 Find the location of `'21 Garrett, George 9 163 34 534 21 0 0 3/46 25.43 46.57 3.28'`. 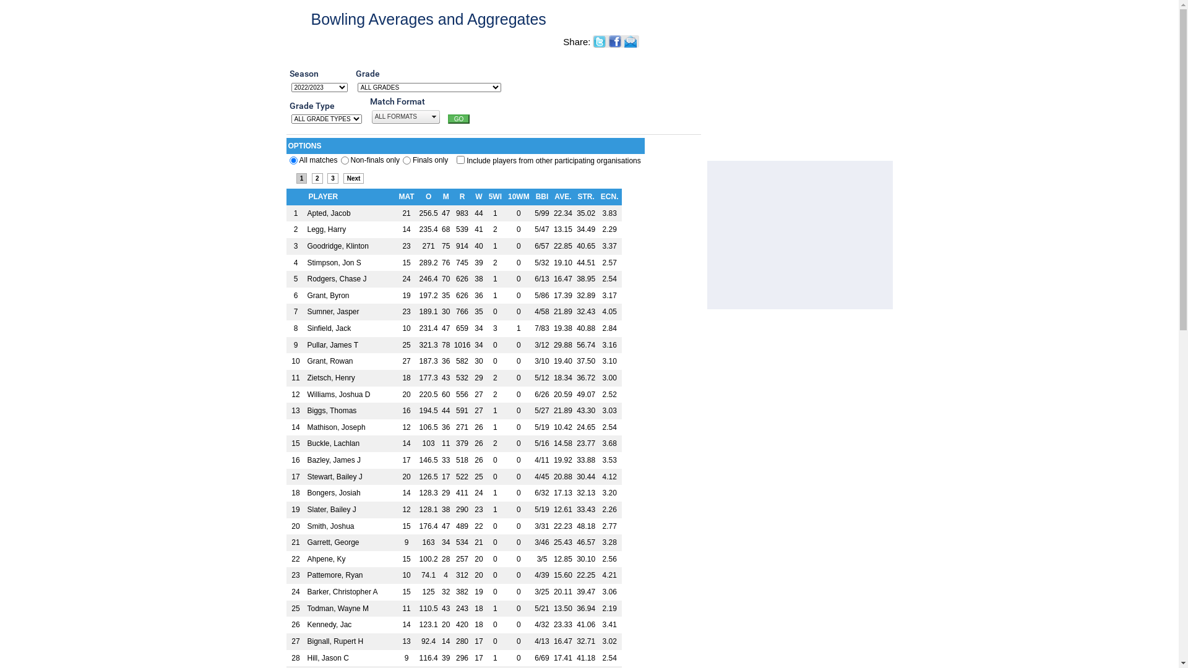

'21 Garrett, George 9 163 34 534 21 0 0 3/46 25.43 46.57 3.28' is located at coordinates (453, 542).